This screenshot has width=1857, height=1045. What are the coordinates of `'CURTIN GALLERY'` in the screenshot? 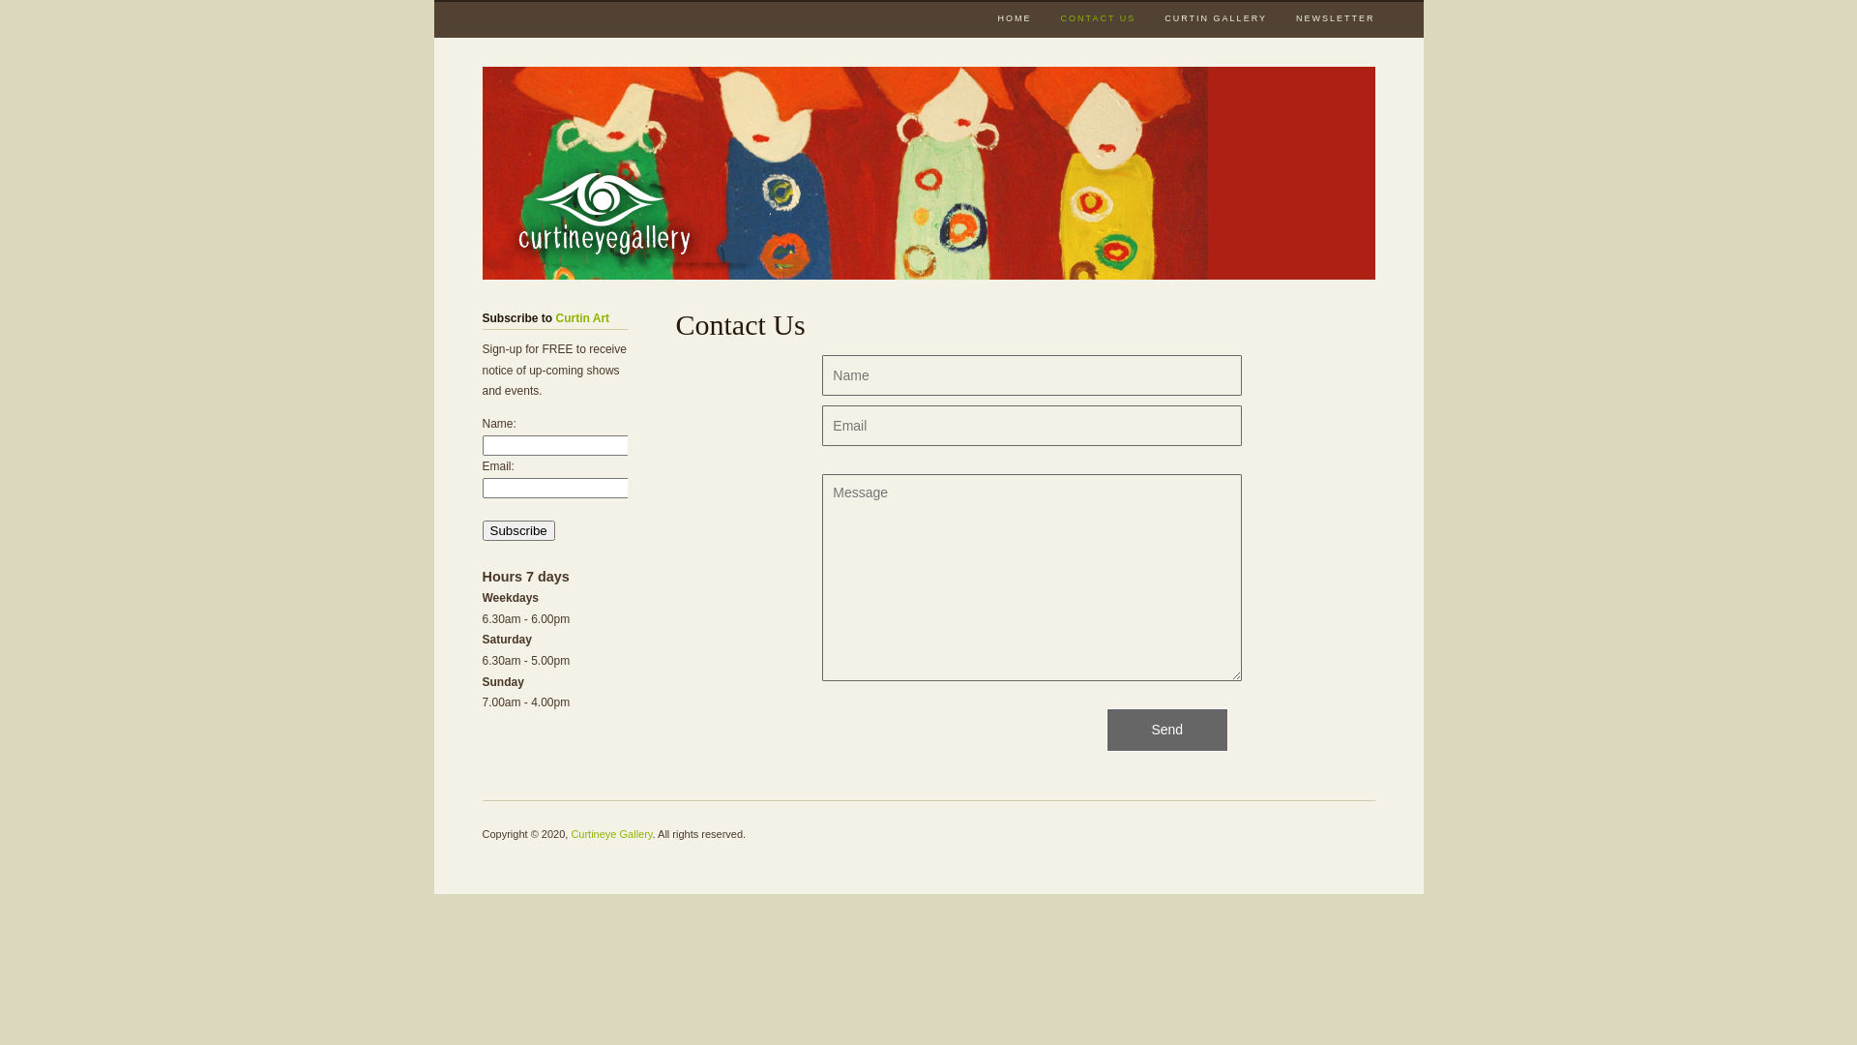 It's located at (1215, 16).